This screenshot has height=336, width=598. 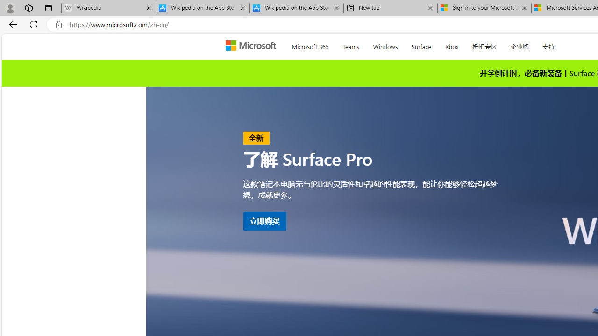 I want to click on 'Surface', so click(x=420, y=45).